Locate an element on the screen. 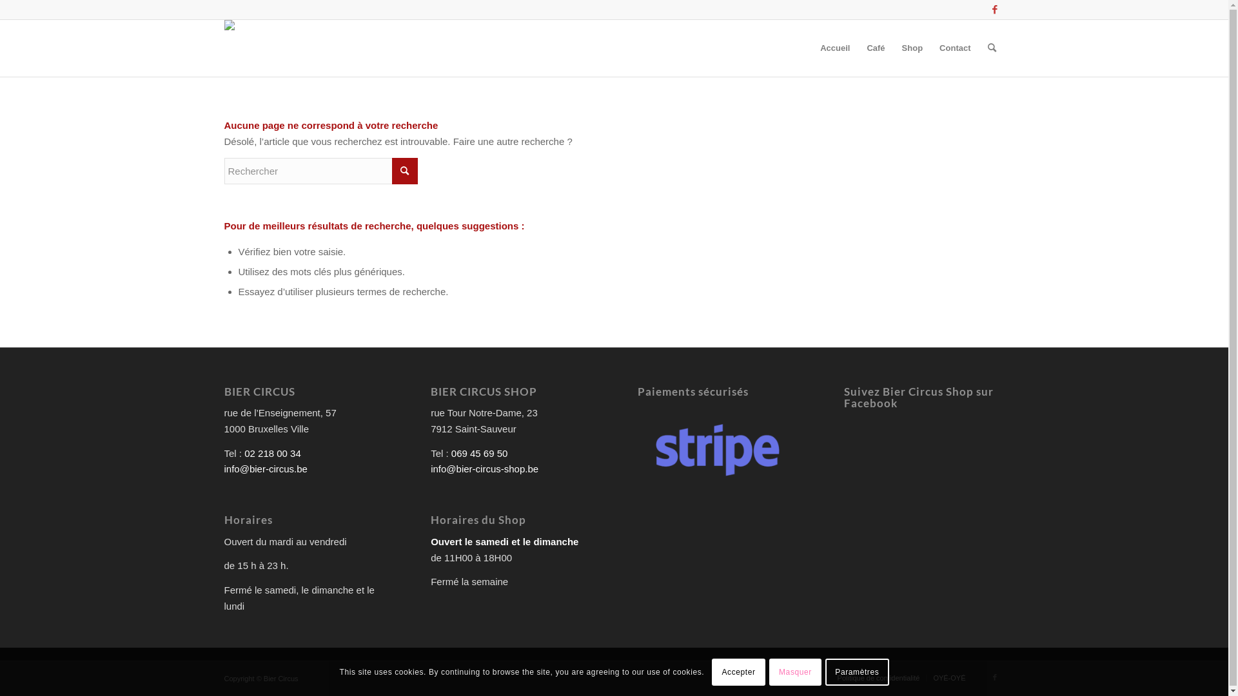 This screenshot has width=1238, height=696. 'Masquer' is located at coordinates (769, 670).